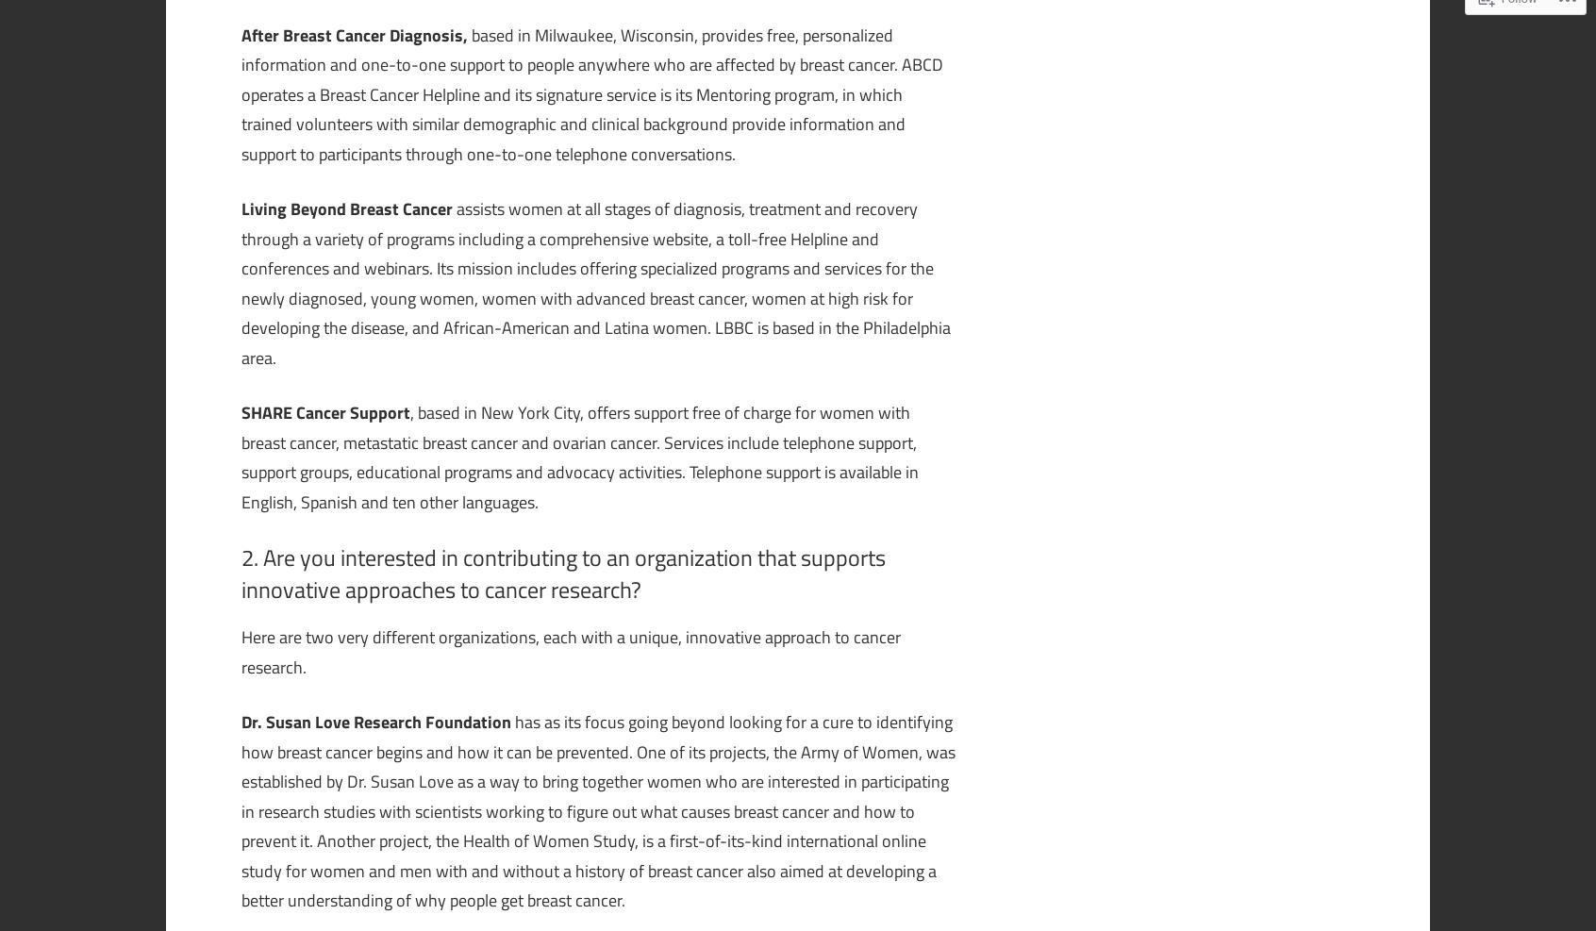 The width and height of the screenshot is (1596, 931). Describe the element at coordinates (570, 651) in the screenshot. I see `'Here are two very different organizations, each with a unique, innovative approach to cancer research.'` at that location.